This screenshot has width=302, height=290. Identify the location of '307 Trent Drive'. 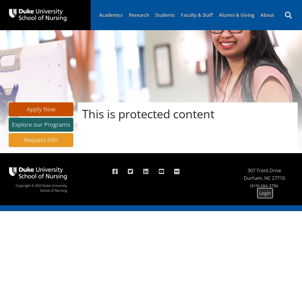
(247, 170).